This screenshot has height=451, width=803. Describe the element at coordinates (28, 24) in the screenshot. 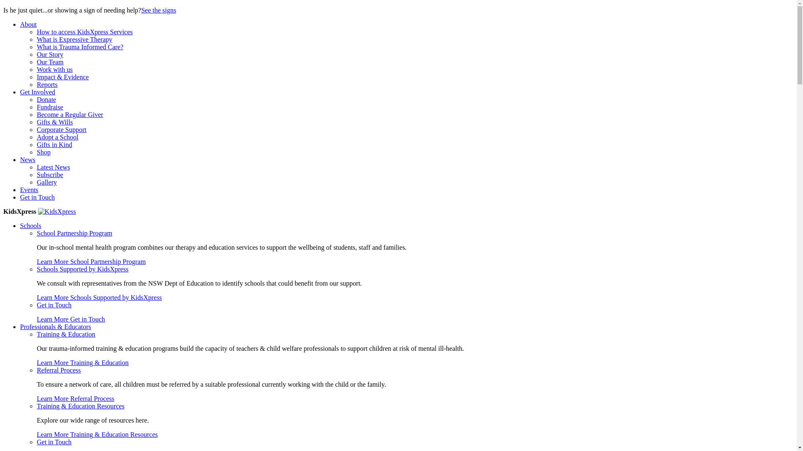

I see `'About'` at that location.